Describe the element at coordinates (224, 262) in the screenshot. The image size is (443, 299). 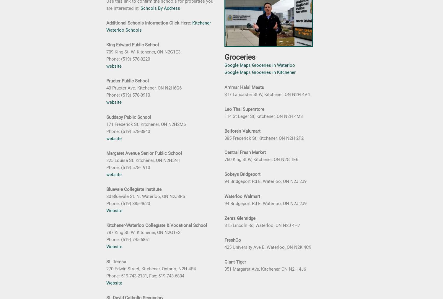
I see `'Giant Tiger'` at that location.